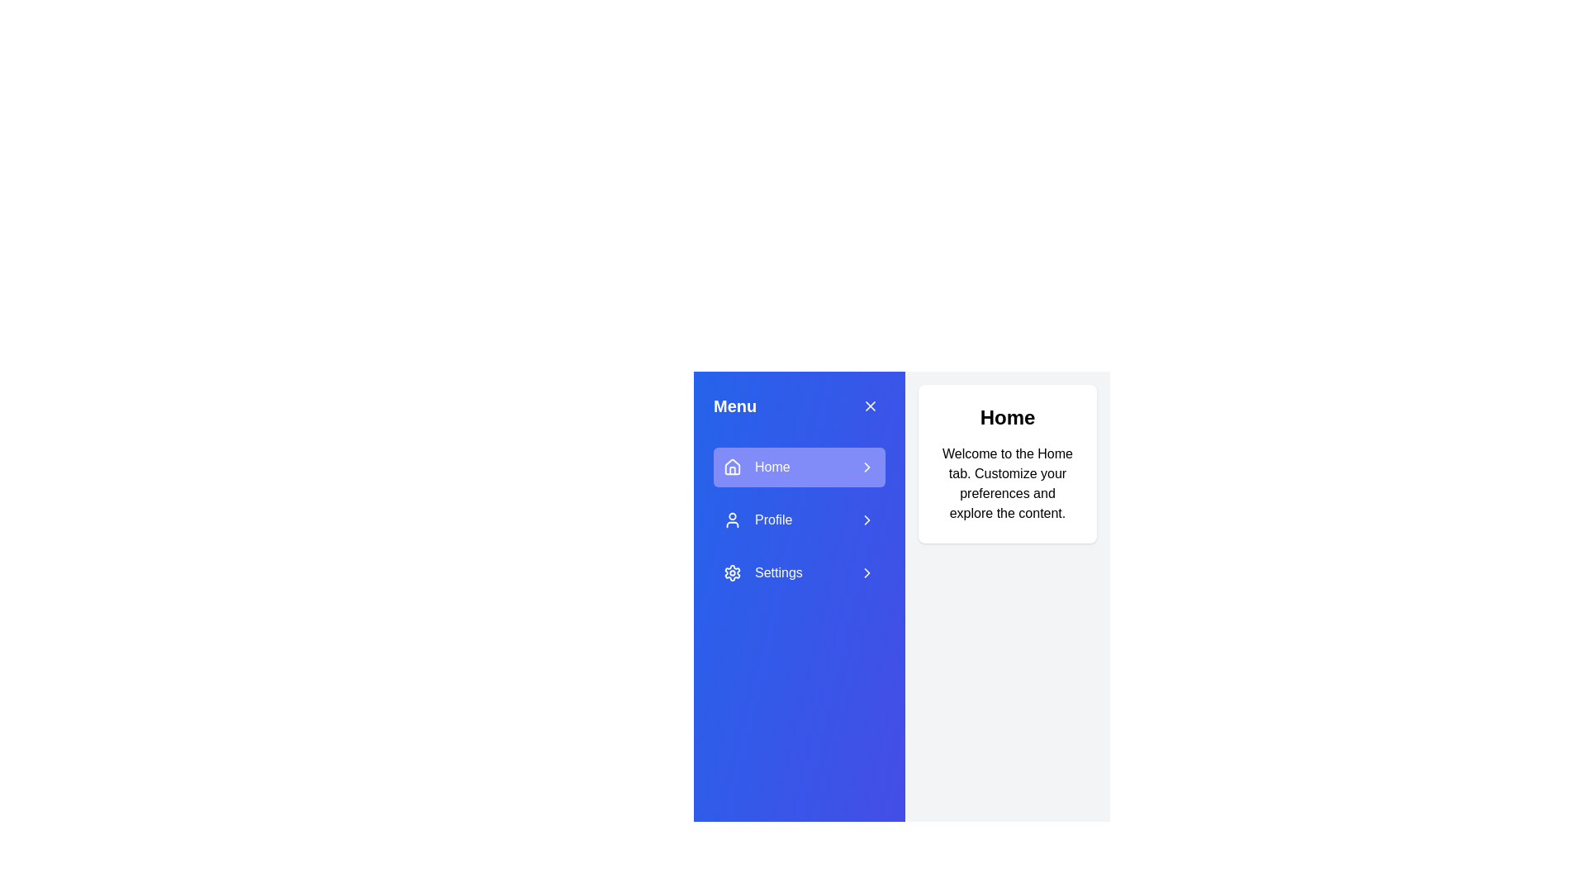  What do you see at coordinates (867, 519) in the screenshot?
I see `the Chevron icon located on the far-right side of the 'Profile' row` at bounding box center [867, 519].